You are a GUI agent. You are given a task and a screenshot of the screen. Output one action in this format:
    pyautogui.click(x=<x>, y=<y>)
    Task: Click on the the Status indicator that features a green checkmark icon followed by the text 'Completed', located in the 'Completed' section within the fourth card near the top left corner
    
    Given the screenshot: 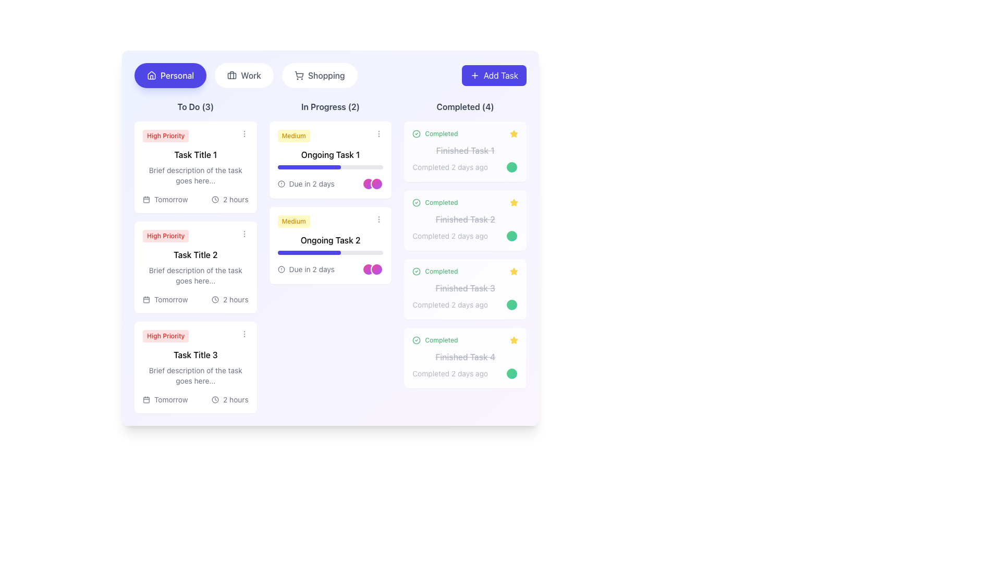 What is the action you would take?
    pyautogui.click(x=435, y=340)
    